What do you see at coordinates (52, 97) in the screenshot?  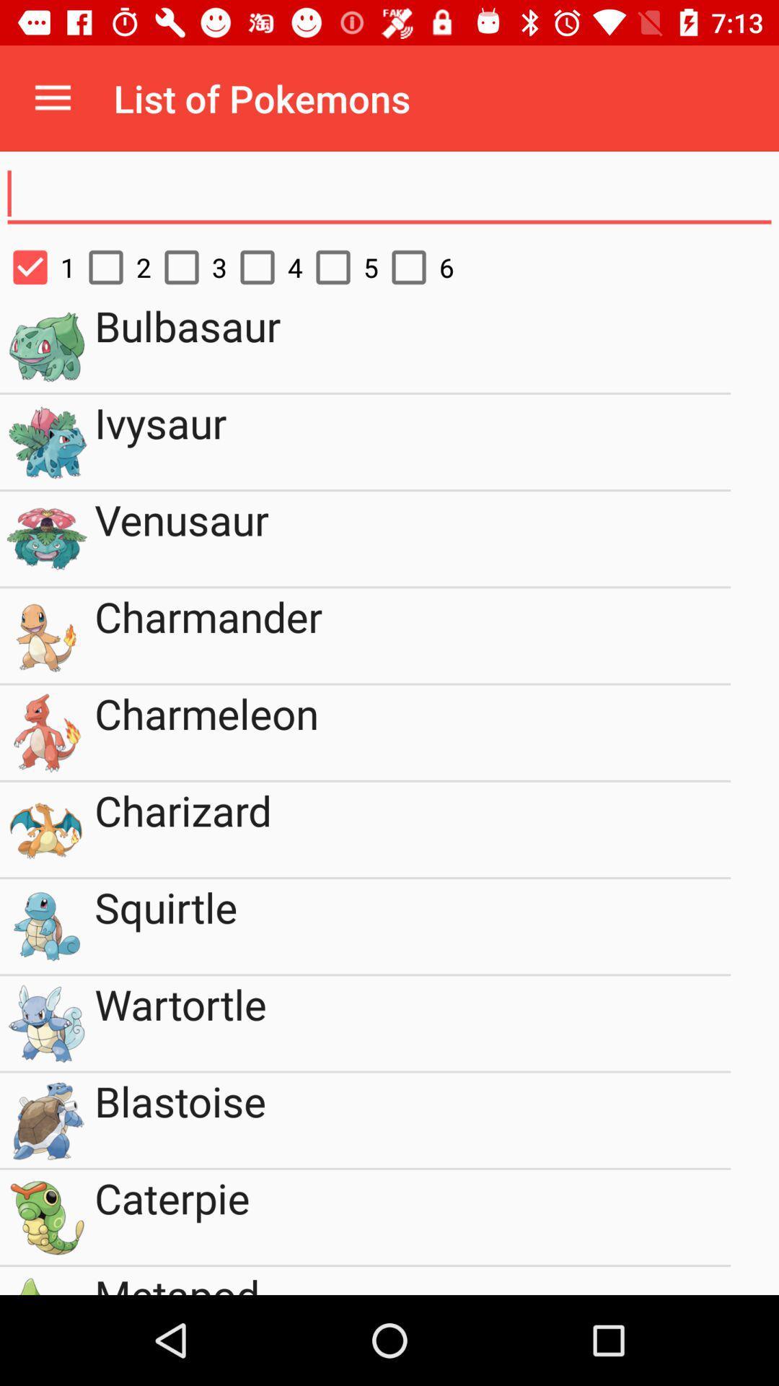 I see `the icon next to list of pokemons item` at bounding box center [52, 97].